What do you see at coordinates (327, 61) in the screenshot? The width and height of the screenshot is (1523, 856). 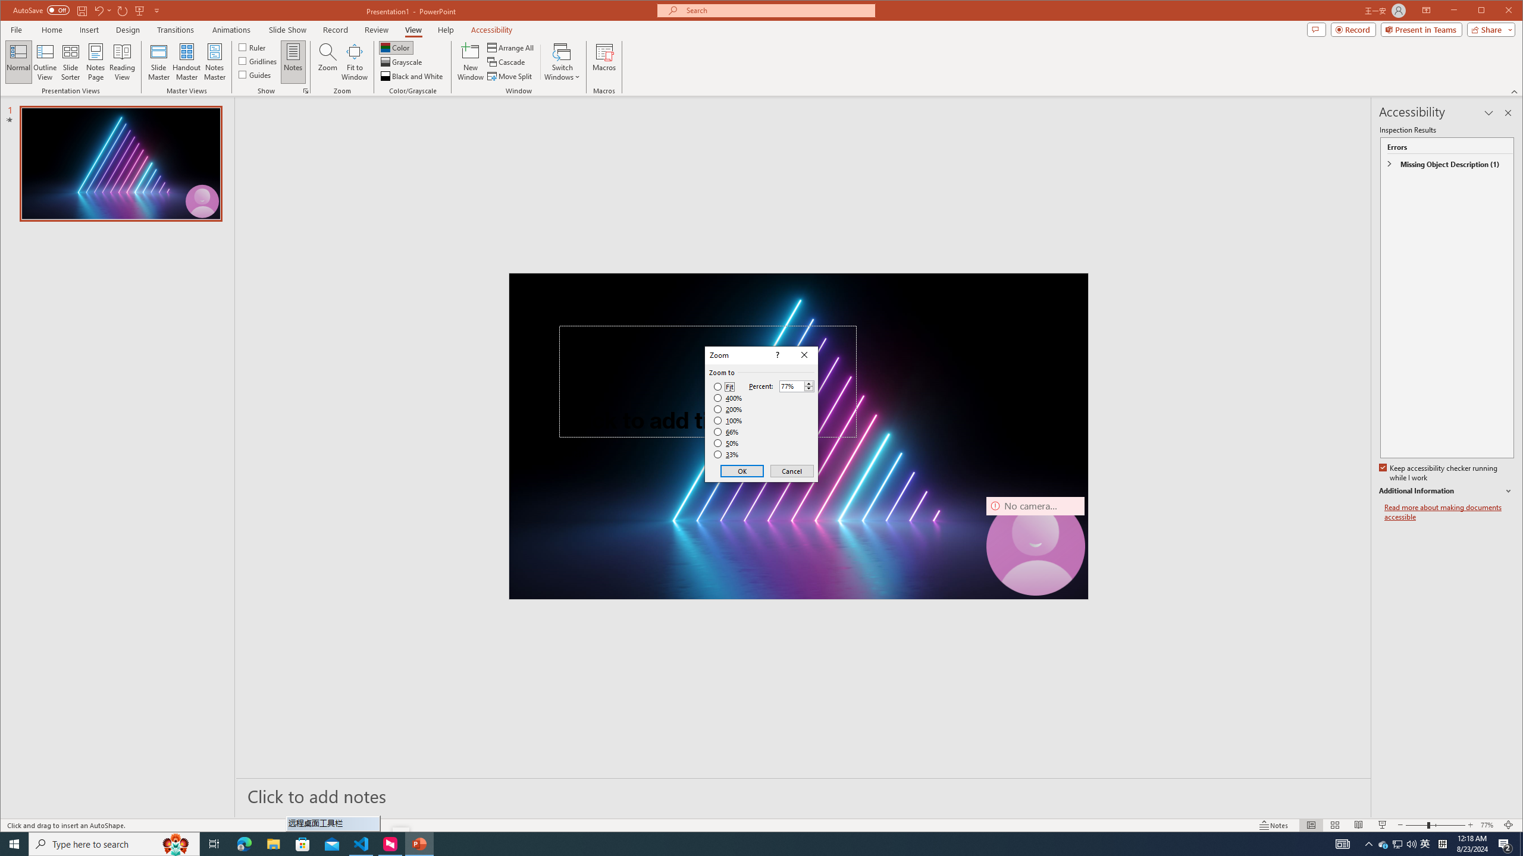 I see `'Zoom...'` at bounding box center [327, 61].